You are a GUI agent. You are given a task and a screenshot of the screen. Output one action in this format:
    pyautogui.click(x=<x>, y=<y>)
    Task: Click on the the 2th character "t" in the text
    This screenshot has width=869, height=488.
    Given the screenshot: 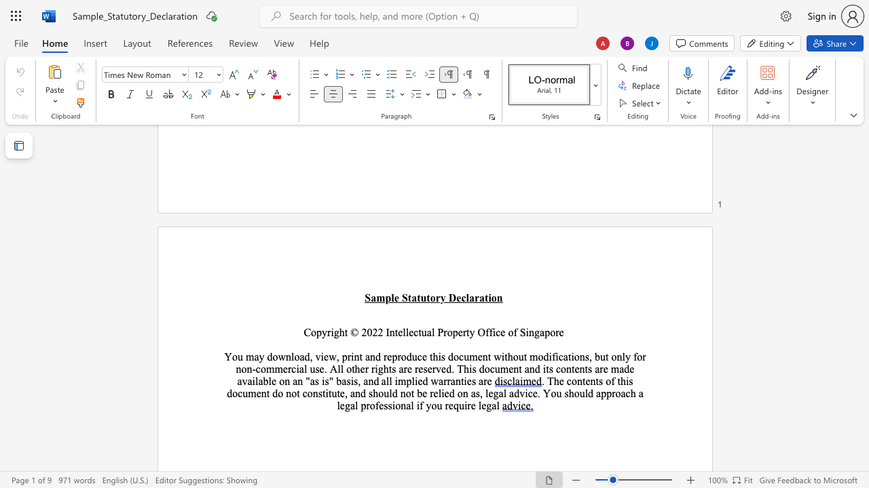 What is the action you would take?
    pyautogui.click(x=323, y=393)
    